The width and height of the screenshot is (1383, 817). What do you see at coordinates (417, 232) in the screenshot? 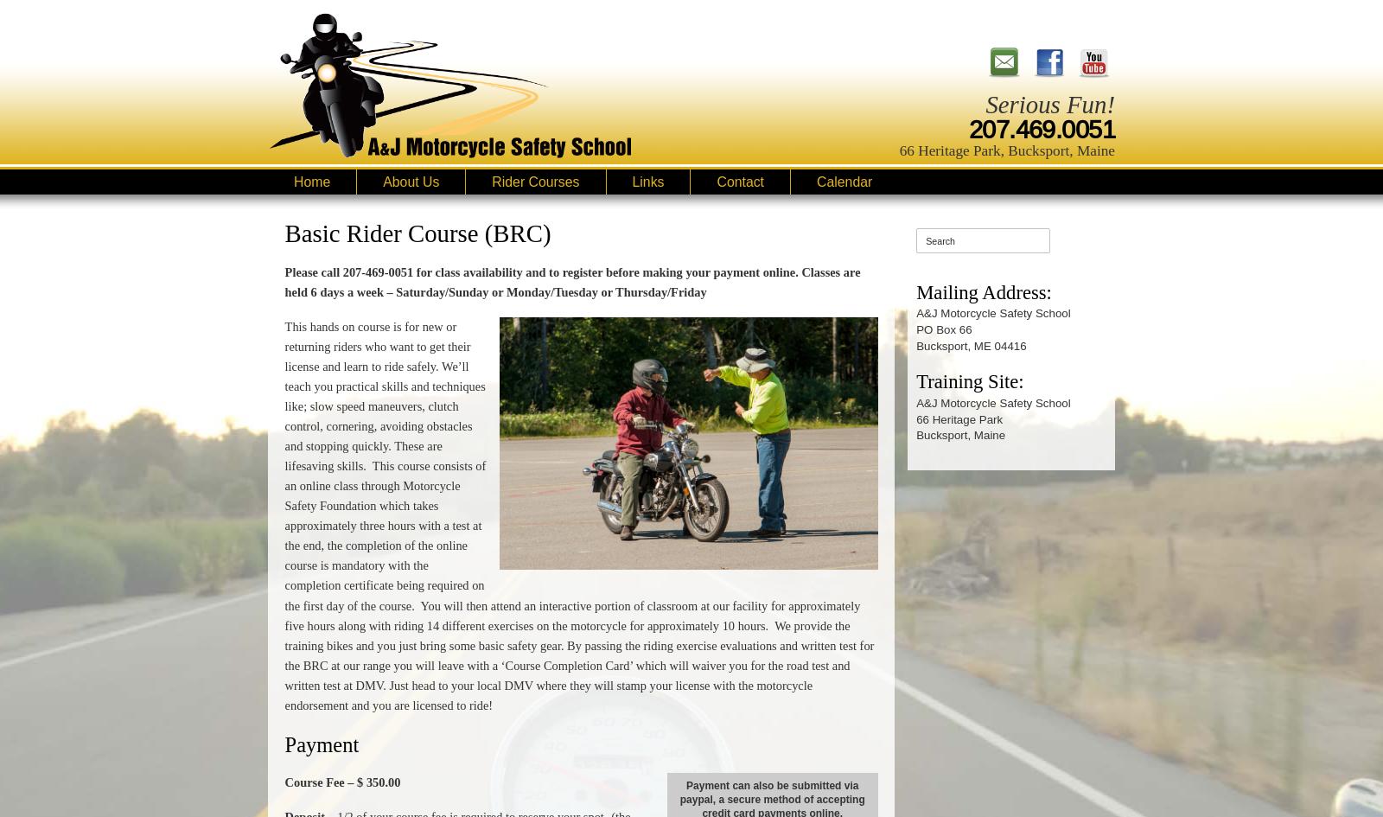
I see `'Basic Rider Course (BRC)'` at bounding box center [417, 232].